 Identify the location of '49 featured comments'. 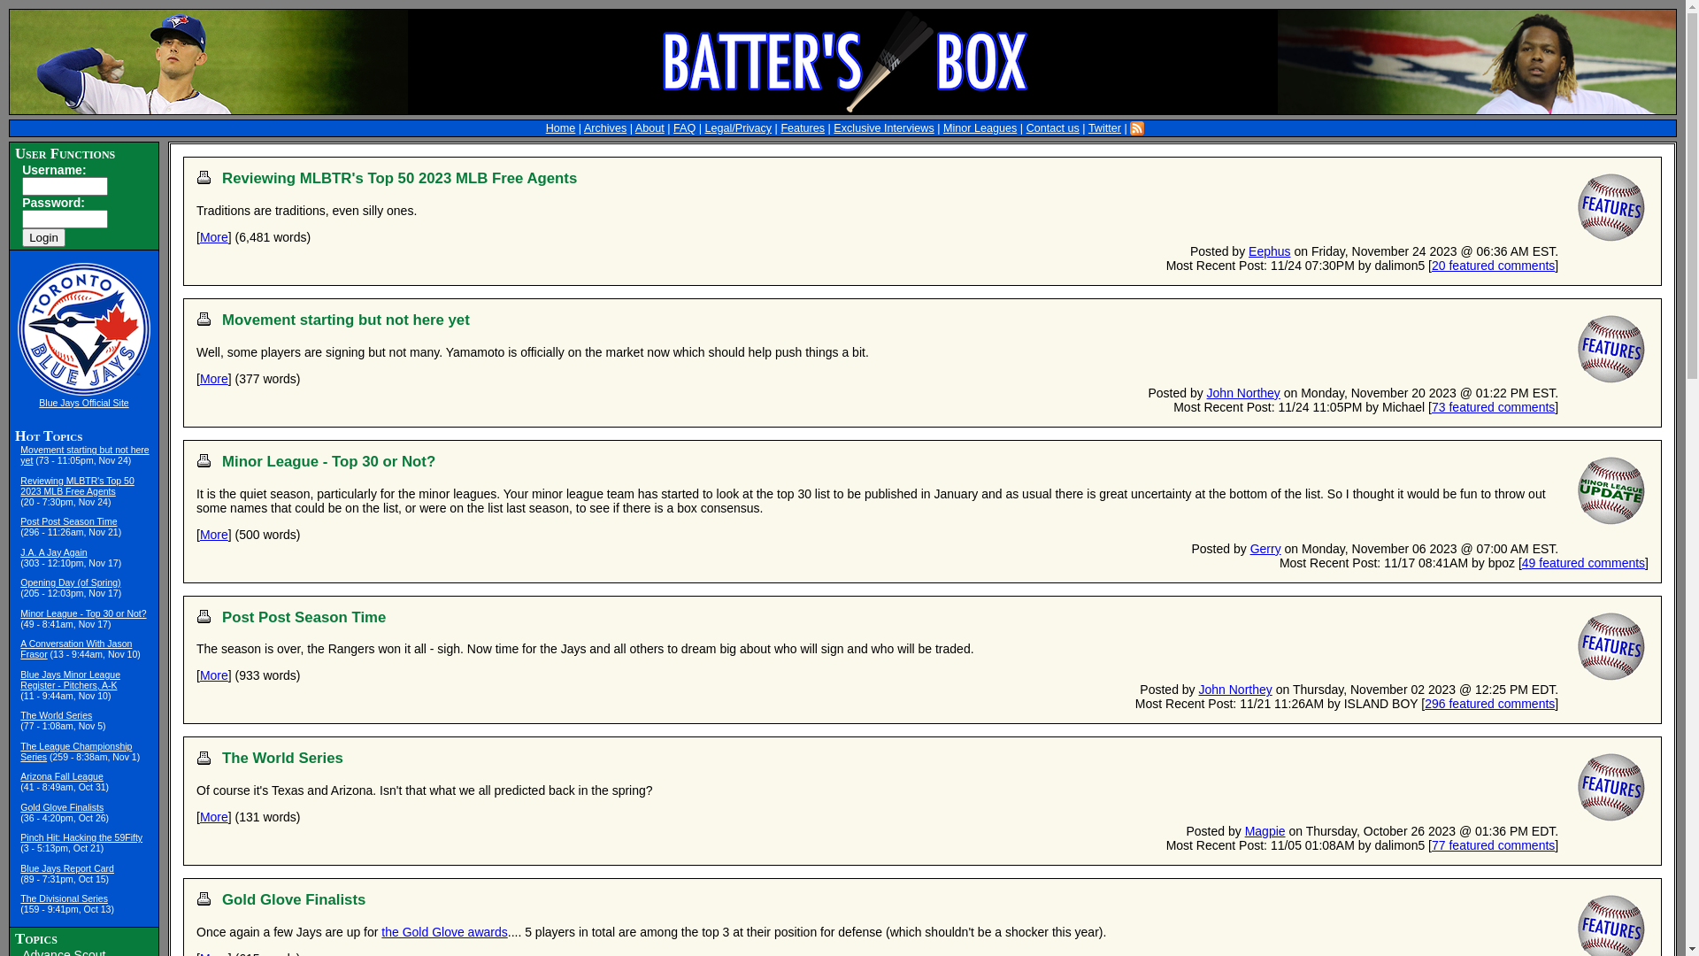
(1520, 563).